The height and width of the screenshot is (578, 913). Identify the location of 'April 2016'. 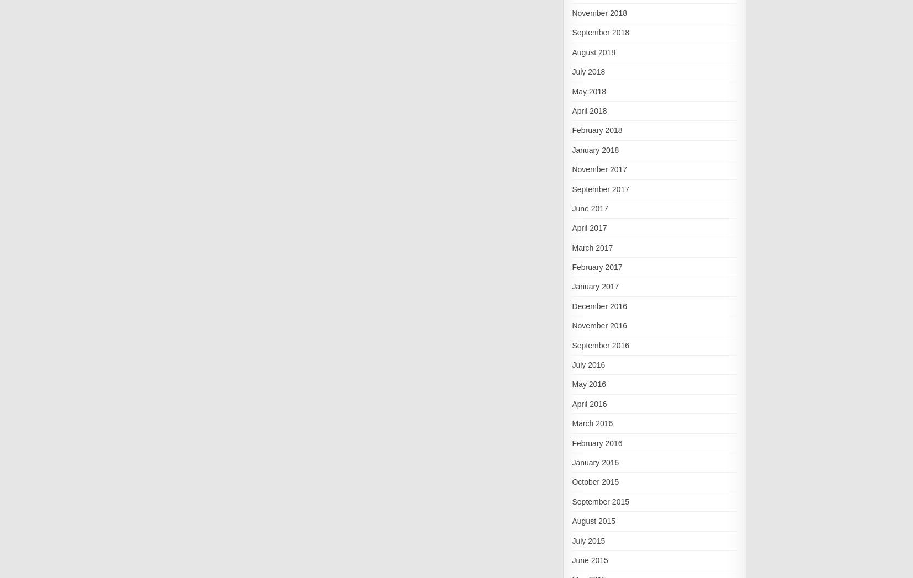
(588, 404).